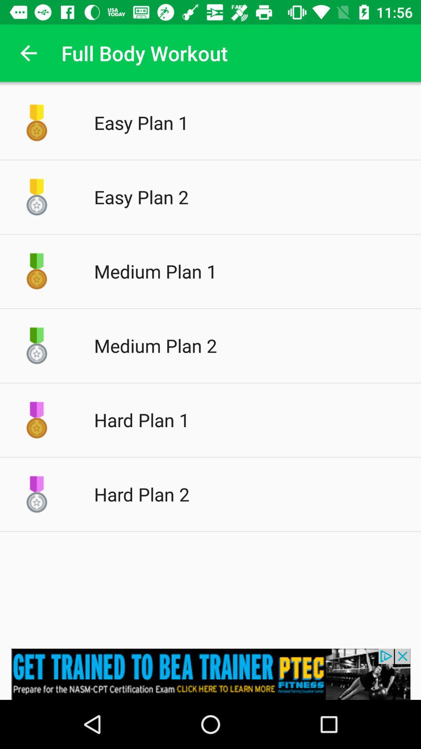 This screenshot has width=421, height=749. What do you see at coordinates (210, 674) in the screenshot?
I see `pop up advertisement` at bounding box center [210, 674].